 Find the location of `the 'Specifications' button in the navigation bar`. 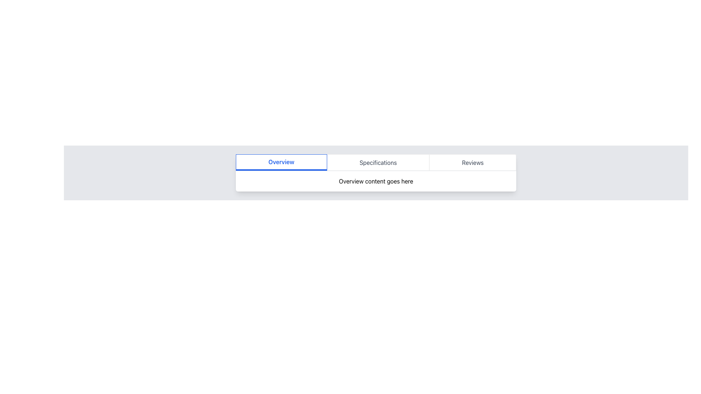

the 'Specifications' button in the navigation bar is located at coordinates (378, 162).